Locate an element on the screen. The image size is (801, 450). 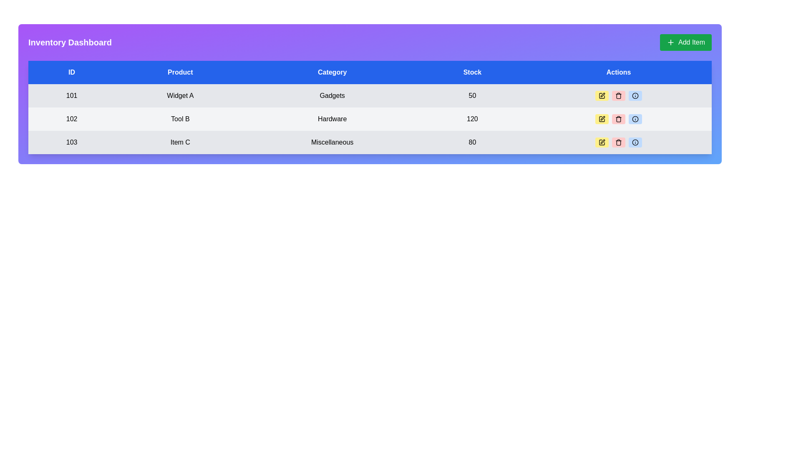
the interactive button in the 'Actions' section of the row corresponding to 'Tool B' is located at coordinates (619, 119).